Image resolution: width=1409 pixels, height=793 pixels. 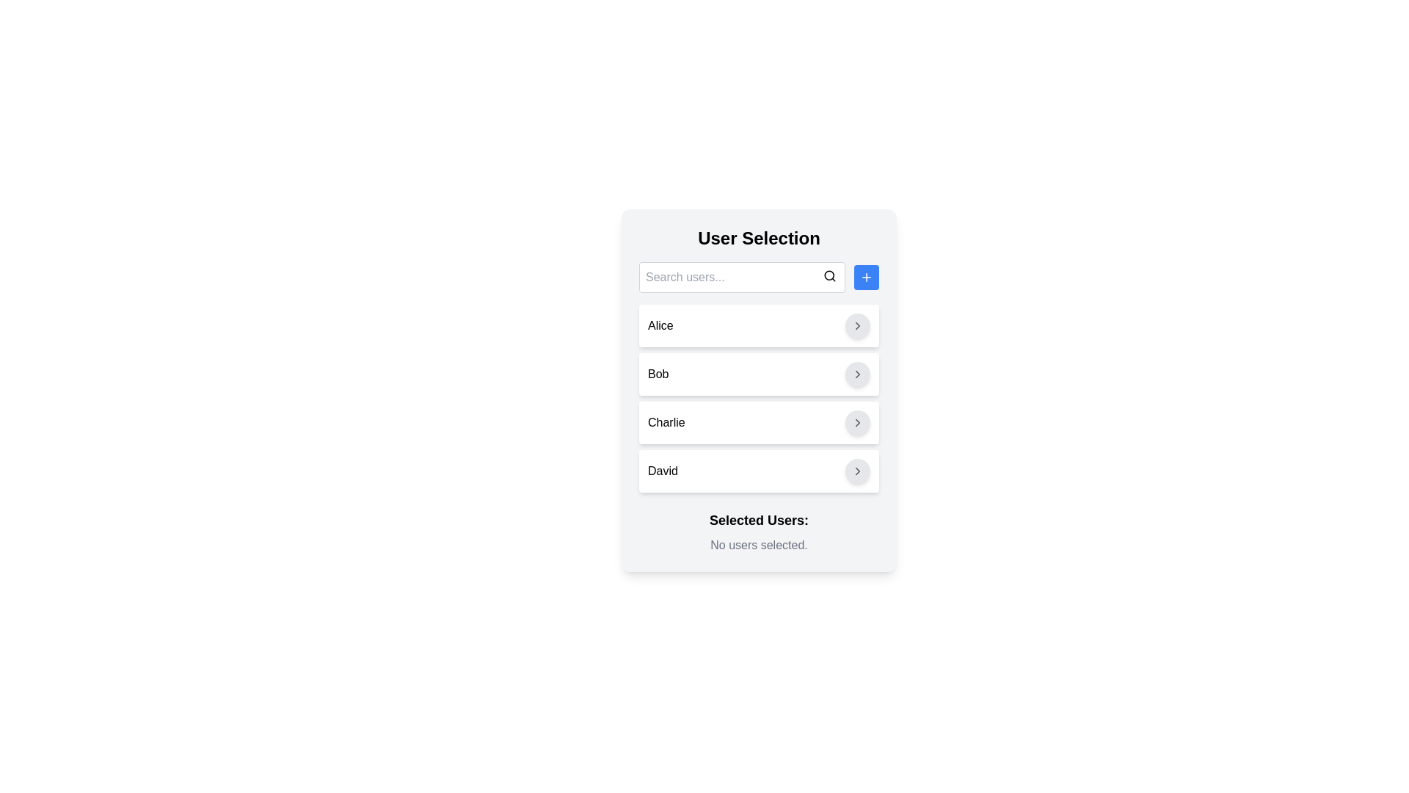 I want to click on the circular button with a light gray background and a right-facing chevron icon located in the bottom-right corner of the 'Bob' selection card, so click(x=858, y=373).